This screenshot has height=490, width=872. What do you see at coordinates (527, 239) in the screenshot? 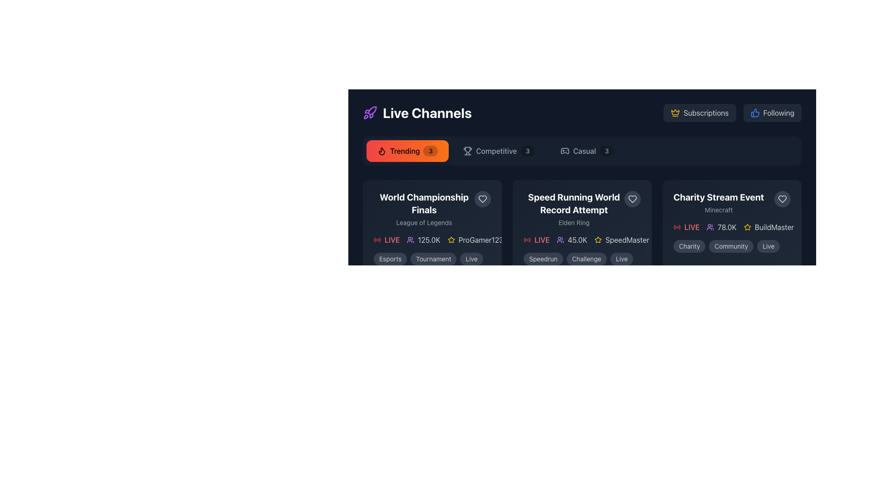
I see `the radio signal icon with a red pulsating animation located to the left of the 'LIVE' text in the first card of the interface` at bounding box center [527, 239].